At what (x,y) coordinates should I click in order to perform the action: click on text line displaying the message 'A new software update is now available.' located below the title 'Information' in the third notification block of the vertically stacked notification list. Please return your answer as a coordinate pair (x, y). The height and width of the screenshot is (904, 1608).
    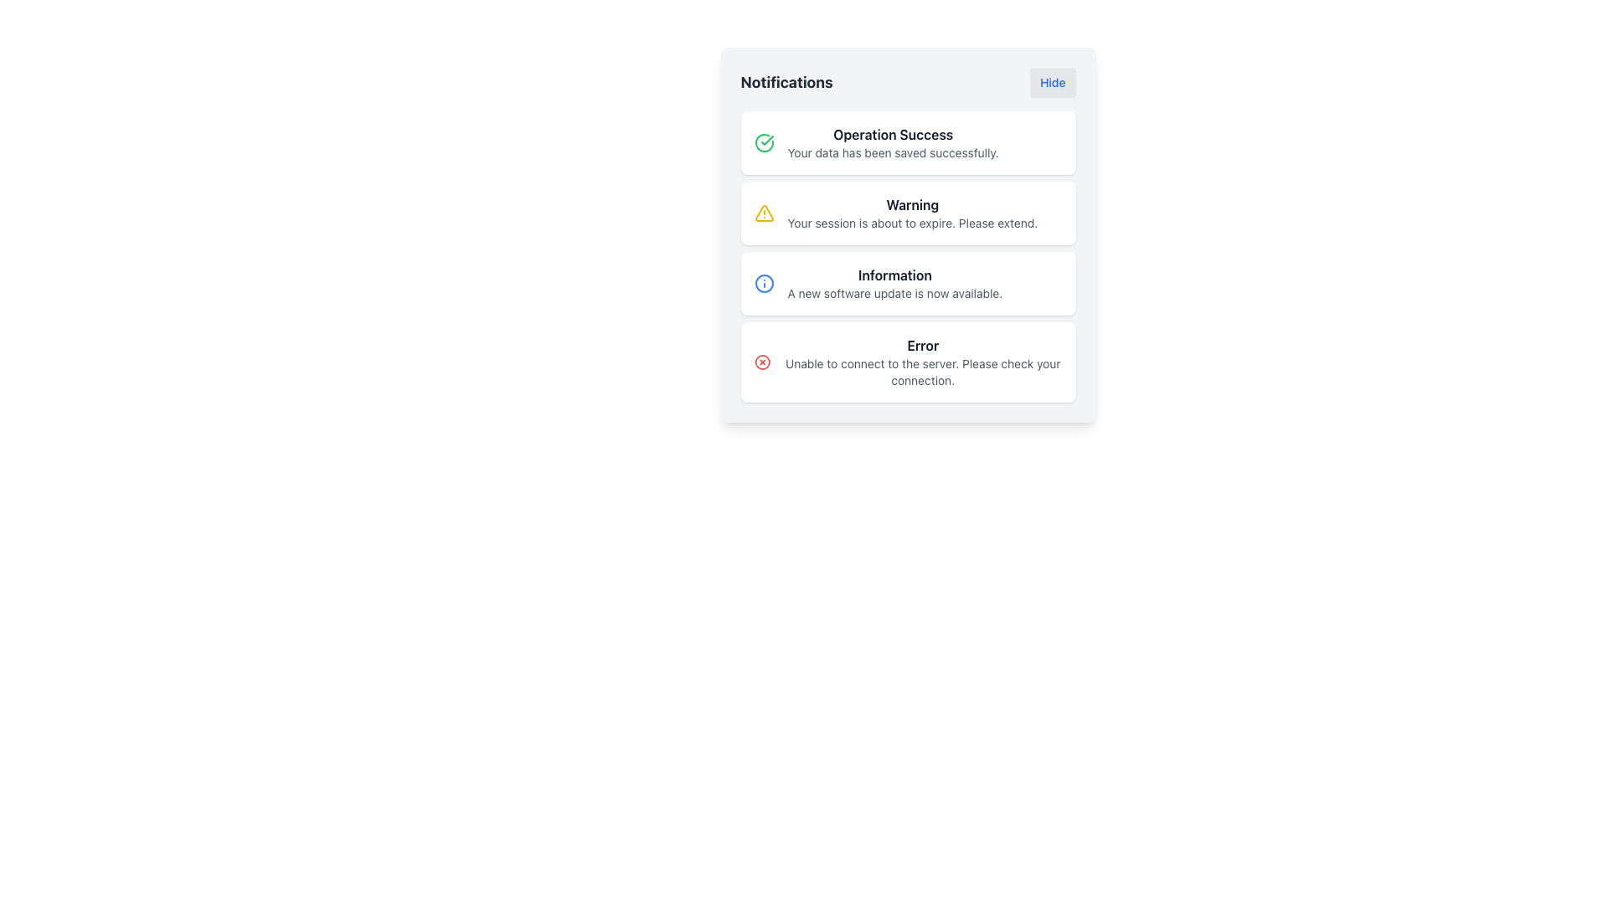
    Looking at the image, I should click on (894, 293).